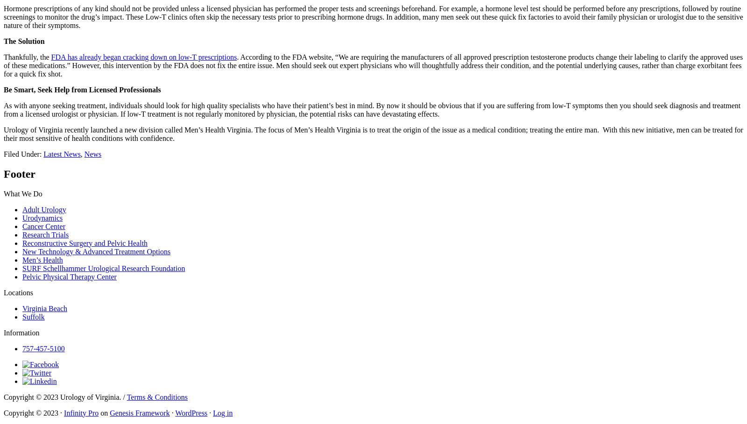  Describe the element at coordinates (85, 242) in the screenshot. I see `'Reconstructive Surgery and Pelvic Health'` at that location.